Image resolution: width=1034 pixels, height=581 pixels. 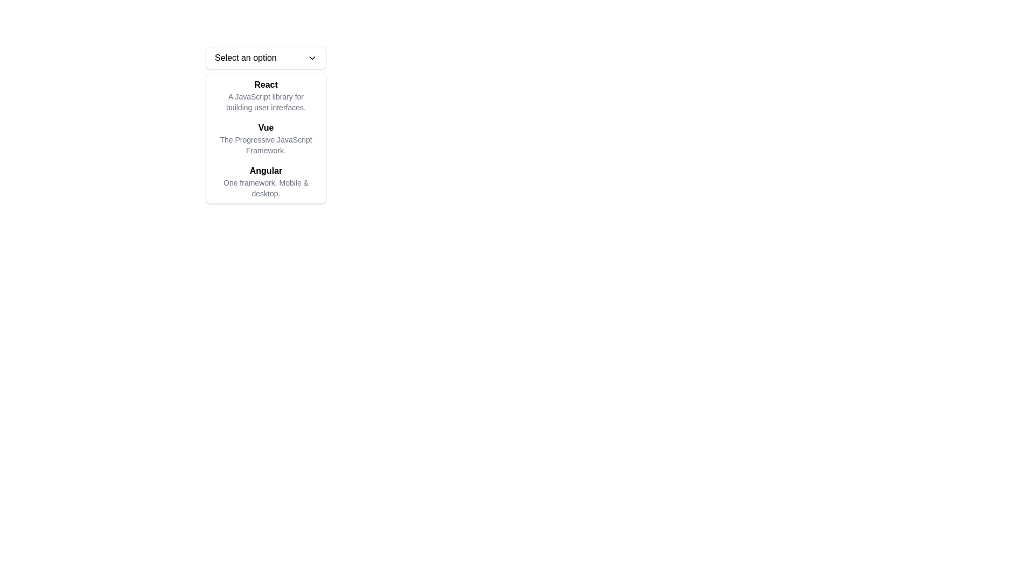 I want to click on the bold-text label reading 'Vue' in the dropdown menu, which is the second item in the list, positioned above the description text 'The Progressive JavaScript Framework.' and below the dropdown title 'Select an option', so click(x=266, y=127).